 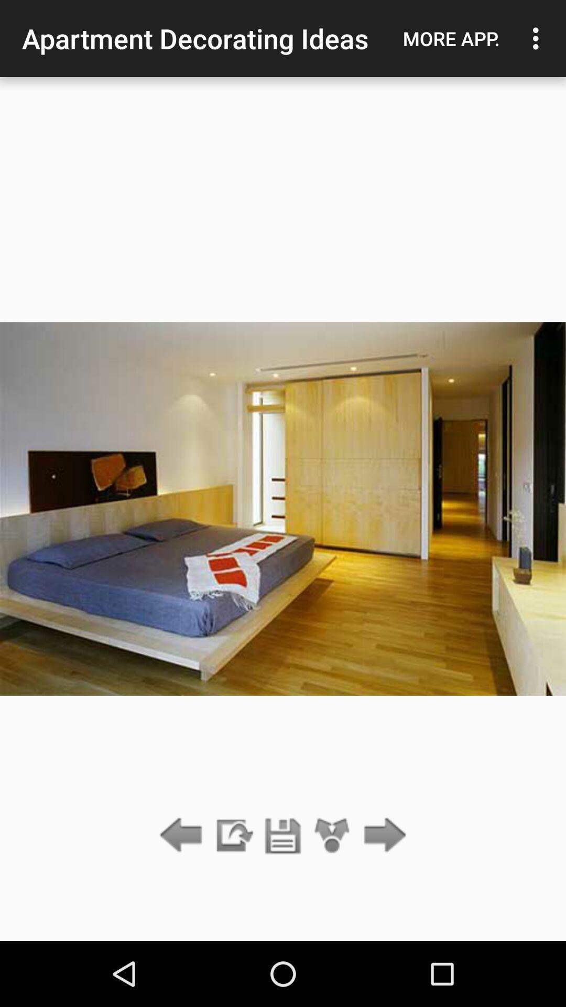 I want to click on the arrow_backward icon, so click(x=183, y=835).